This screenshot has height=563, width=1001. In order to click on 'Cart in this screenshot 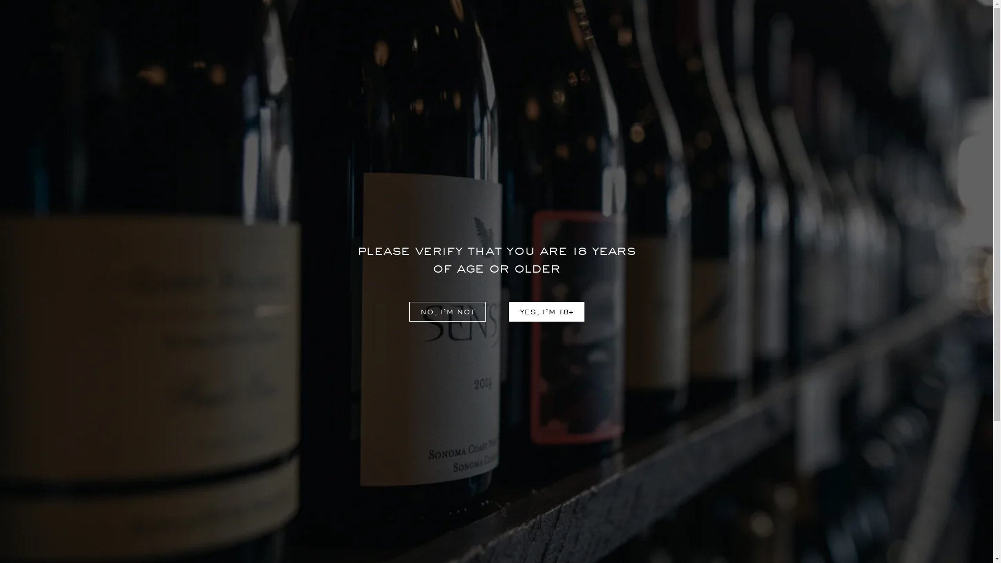, I will do `click(950, 33)`.